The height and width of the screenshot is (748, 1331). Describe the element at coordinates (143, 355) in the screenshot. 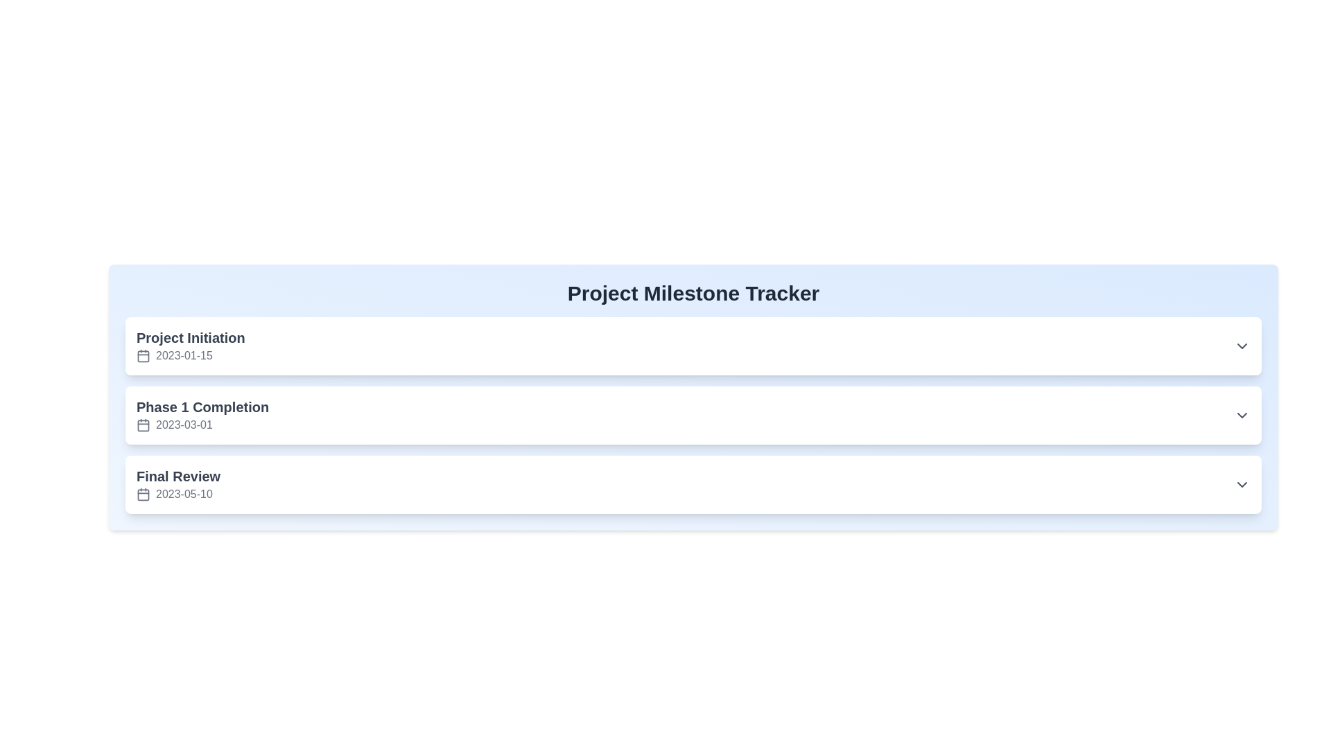

I see `the calendar icon located in the first row of date-related entries, closely aligned with the text '2023-01-15'` at that location.